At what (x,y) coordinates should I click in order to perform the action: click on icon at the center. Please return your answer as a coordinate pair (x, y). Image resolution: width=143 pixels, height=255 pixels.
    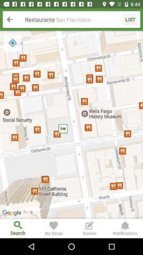
    Looking at the image, I should click on (71, 125).